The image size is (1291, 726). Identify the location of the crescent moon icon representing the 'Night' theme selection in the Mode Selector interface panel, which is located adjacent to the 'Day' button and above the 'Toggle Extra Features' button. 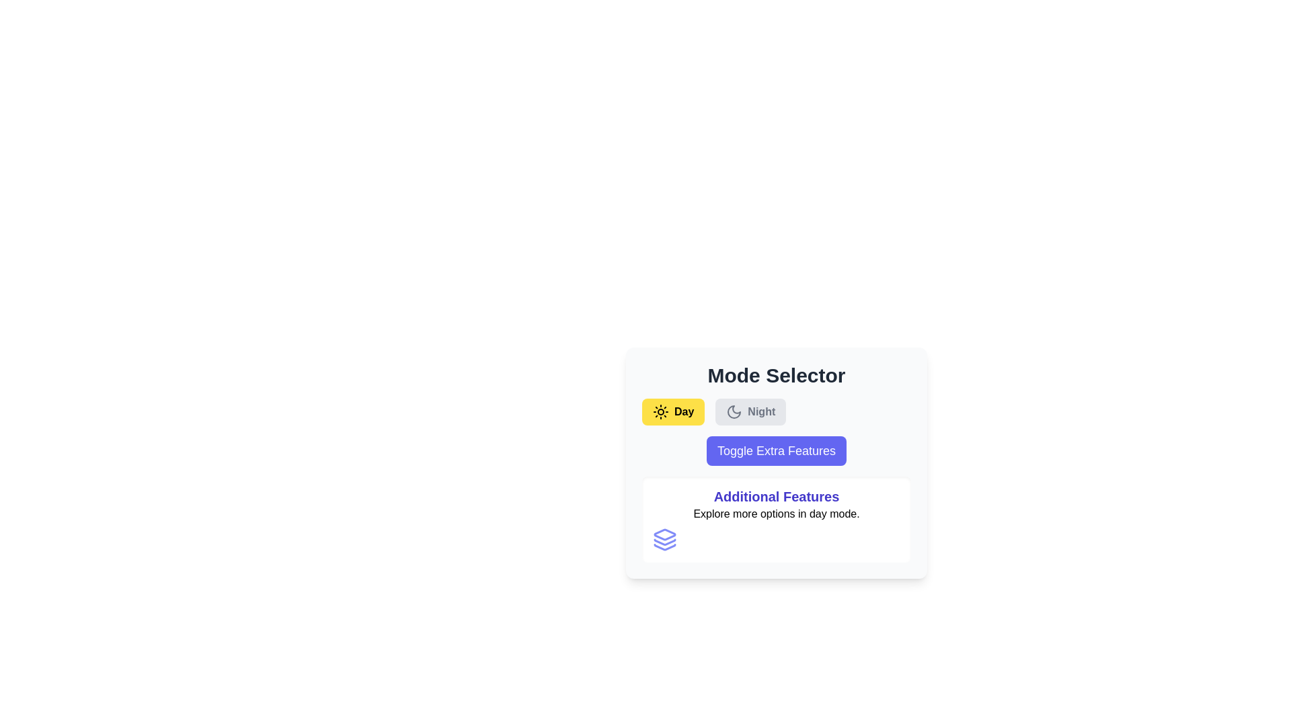
(734, 411).